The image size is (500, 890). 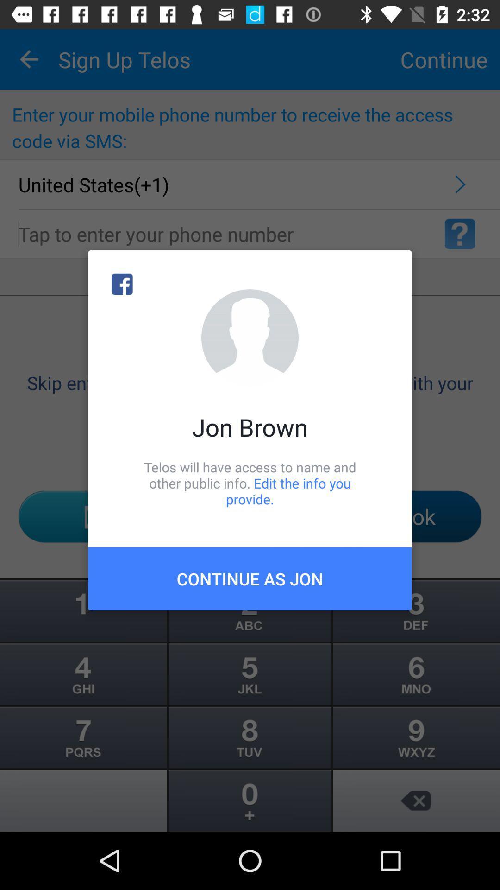 I want to click on telos will have, so click(x=250, y=483).